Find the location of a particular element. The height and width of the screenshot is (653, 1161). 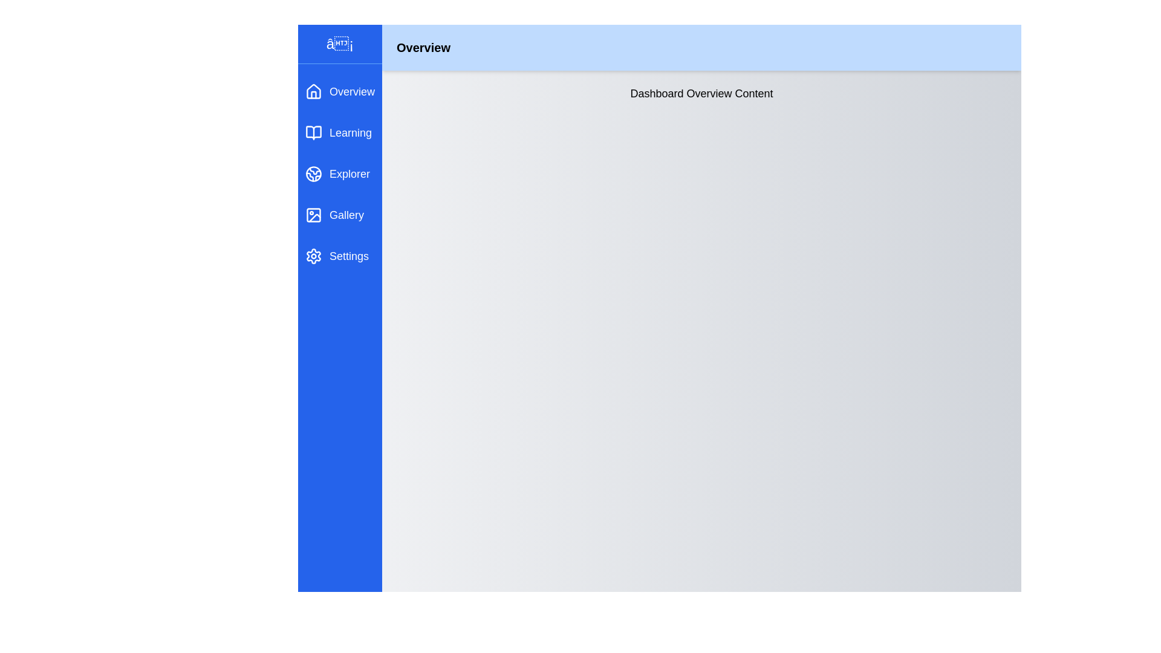

the 'Gallery' button, which is the fourth interactive item in the vertical navigation bar on the left side of the application, featuring a picture icon and blue background is located at coordinates (339, 214).